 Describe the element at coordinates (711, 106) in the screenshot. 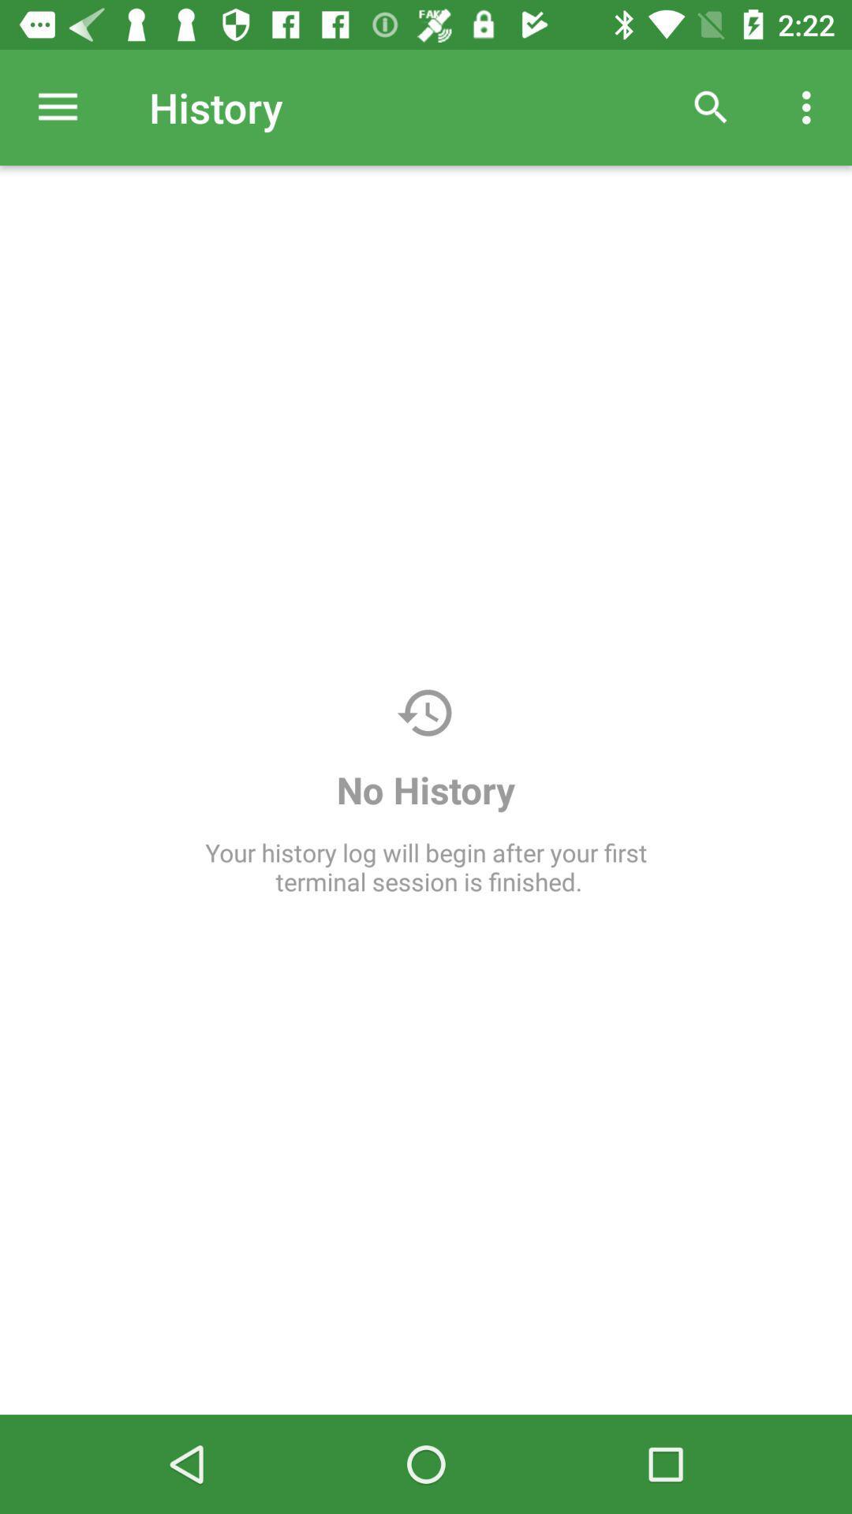

I see `item above your history log icon` at that location.